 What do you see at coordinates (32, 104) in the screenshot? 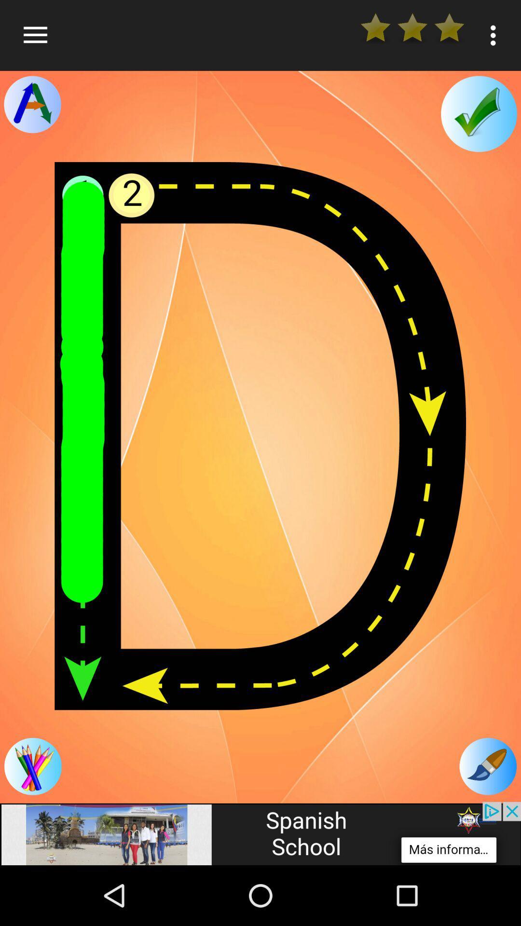
I see `tracing` at bounding box center [32, 104].